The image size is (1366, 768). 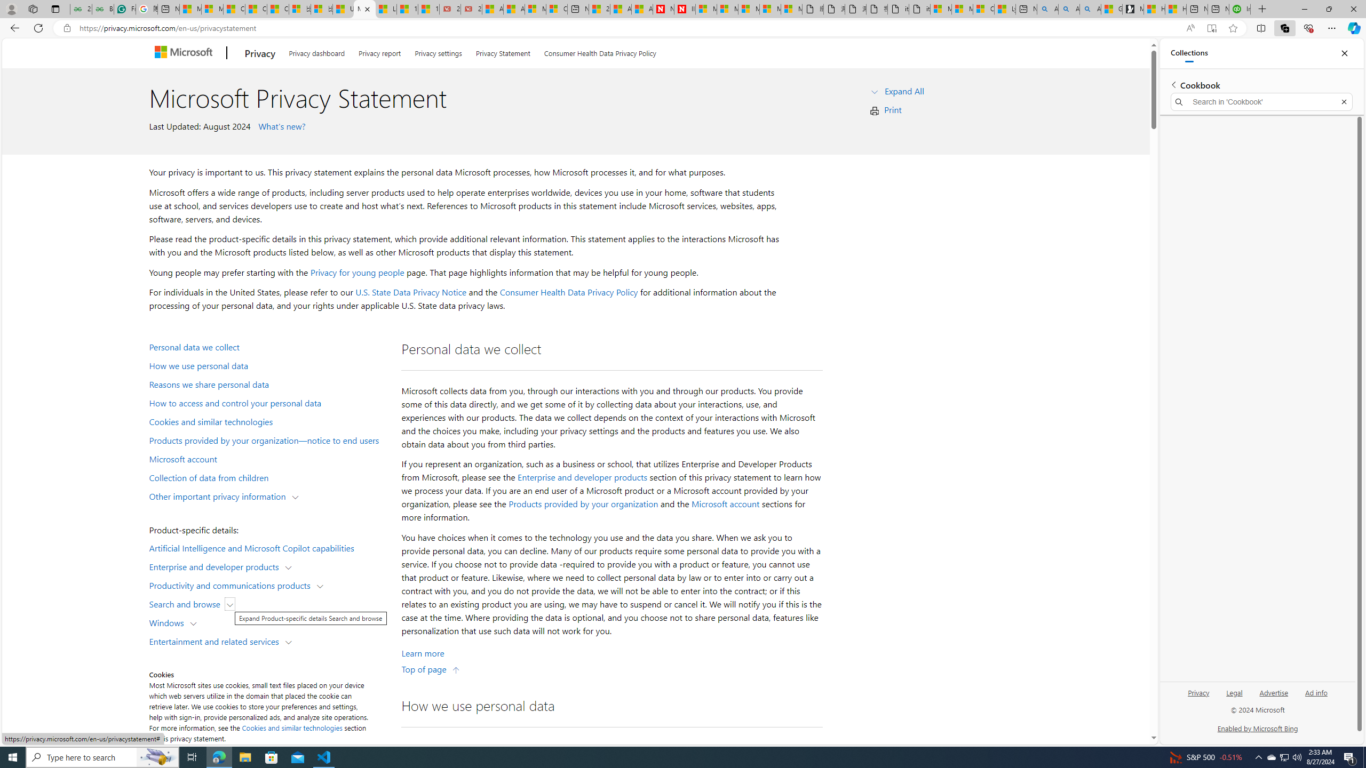 I want to click on 'Search and browse', so click(x=187, y=603).